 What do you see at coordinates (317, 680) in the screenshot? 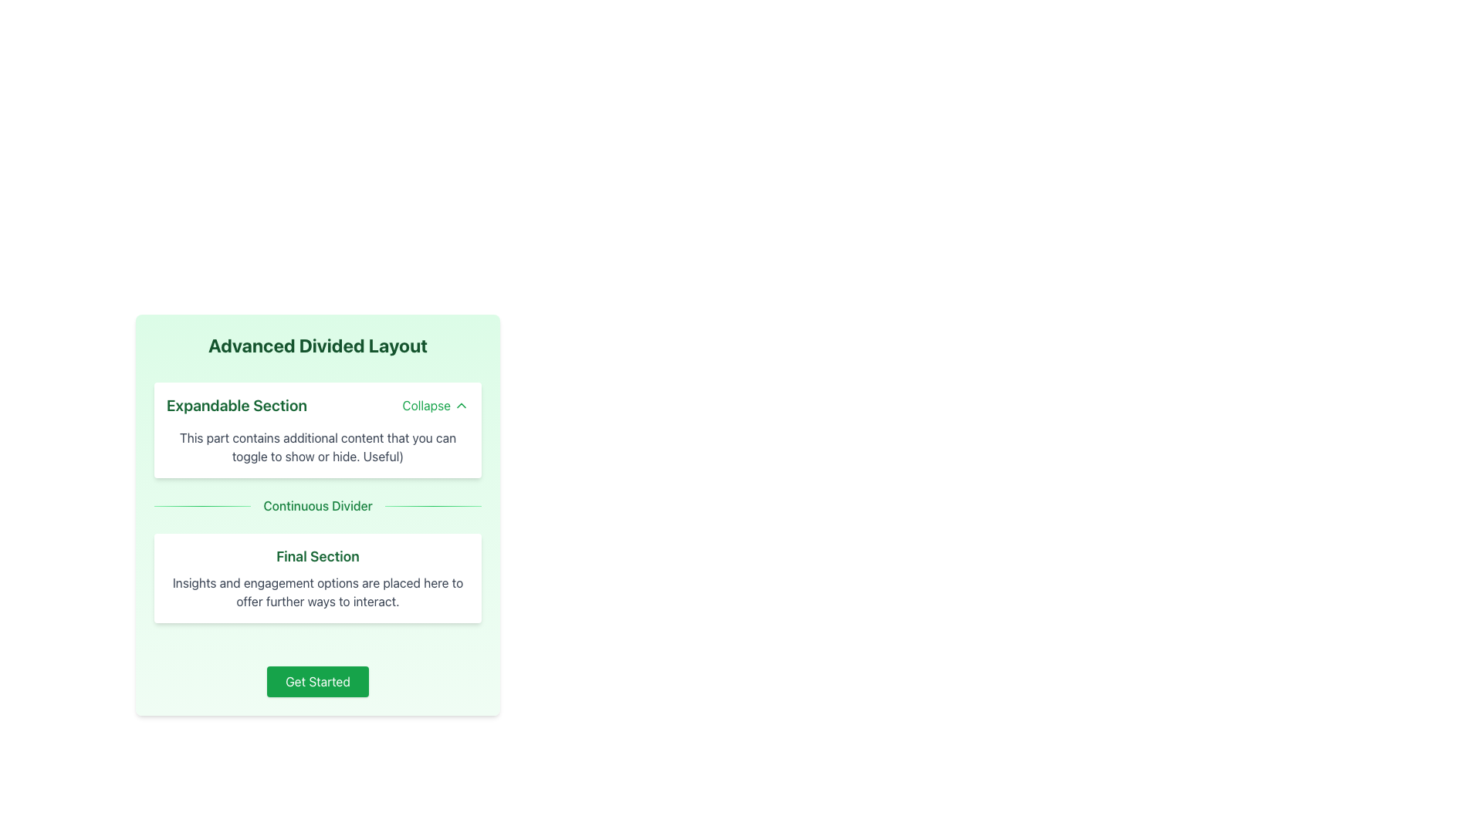
I see `the button located at the bottom center of the interface, below the card labeled 'Final Section', to observe the hover effect` at bounding box center [317, 680].